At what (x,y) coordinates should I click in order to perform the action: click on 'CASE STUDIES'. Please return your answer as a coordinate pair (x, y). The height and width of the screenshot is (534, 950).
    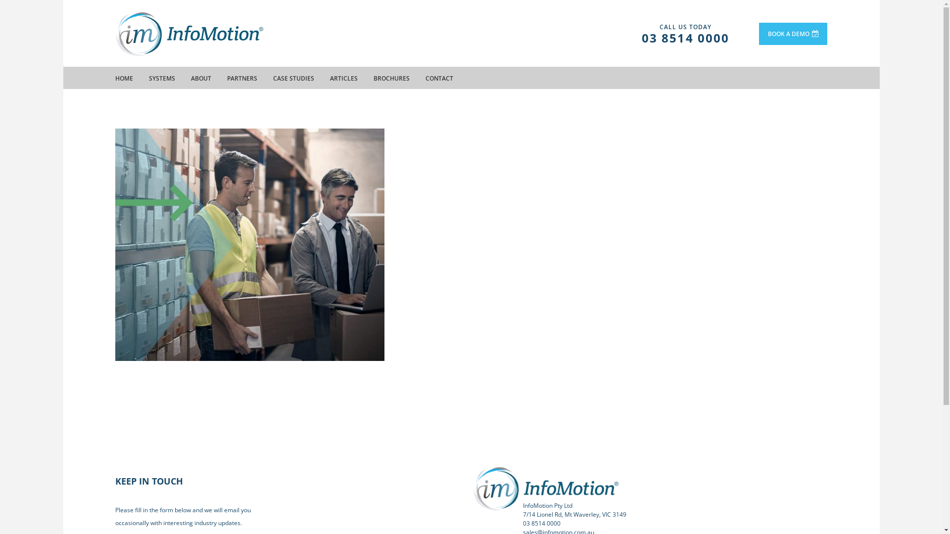
    Looking at the image, I should click on (293, 78).